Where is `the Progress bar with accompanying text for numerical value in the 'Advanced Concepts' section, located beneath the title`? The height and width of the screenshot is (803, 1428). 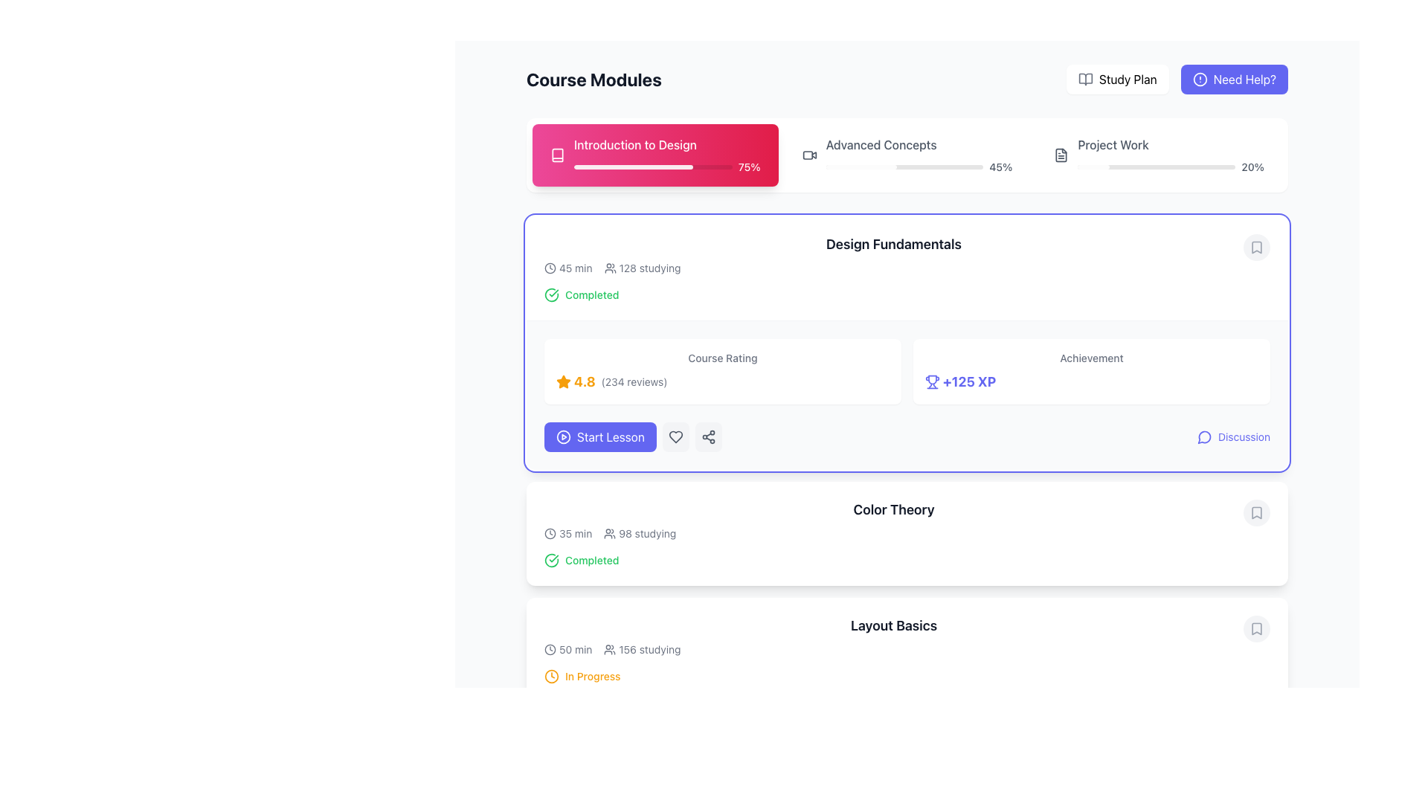 the Progress bar with accompanying text for numerical value in the 'Advanced Concepts' section, located beneath the title is located at coordinates (919, 167).